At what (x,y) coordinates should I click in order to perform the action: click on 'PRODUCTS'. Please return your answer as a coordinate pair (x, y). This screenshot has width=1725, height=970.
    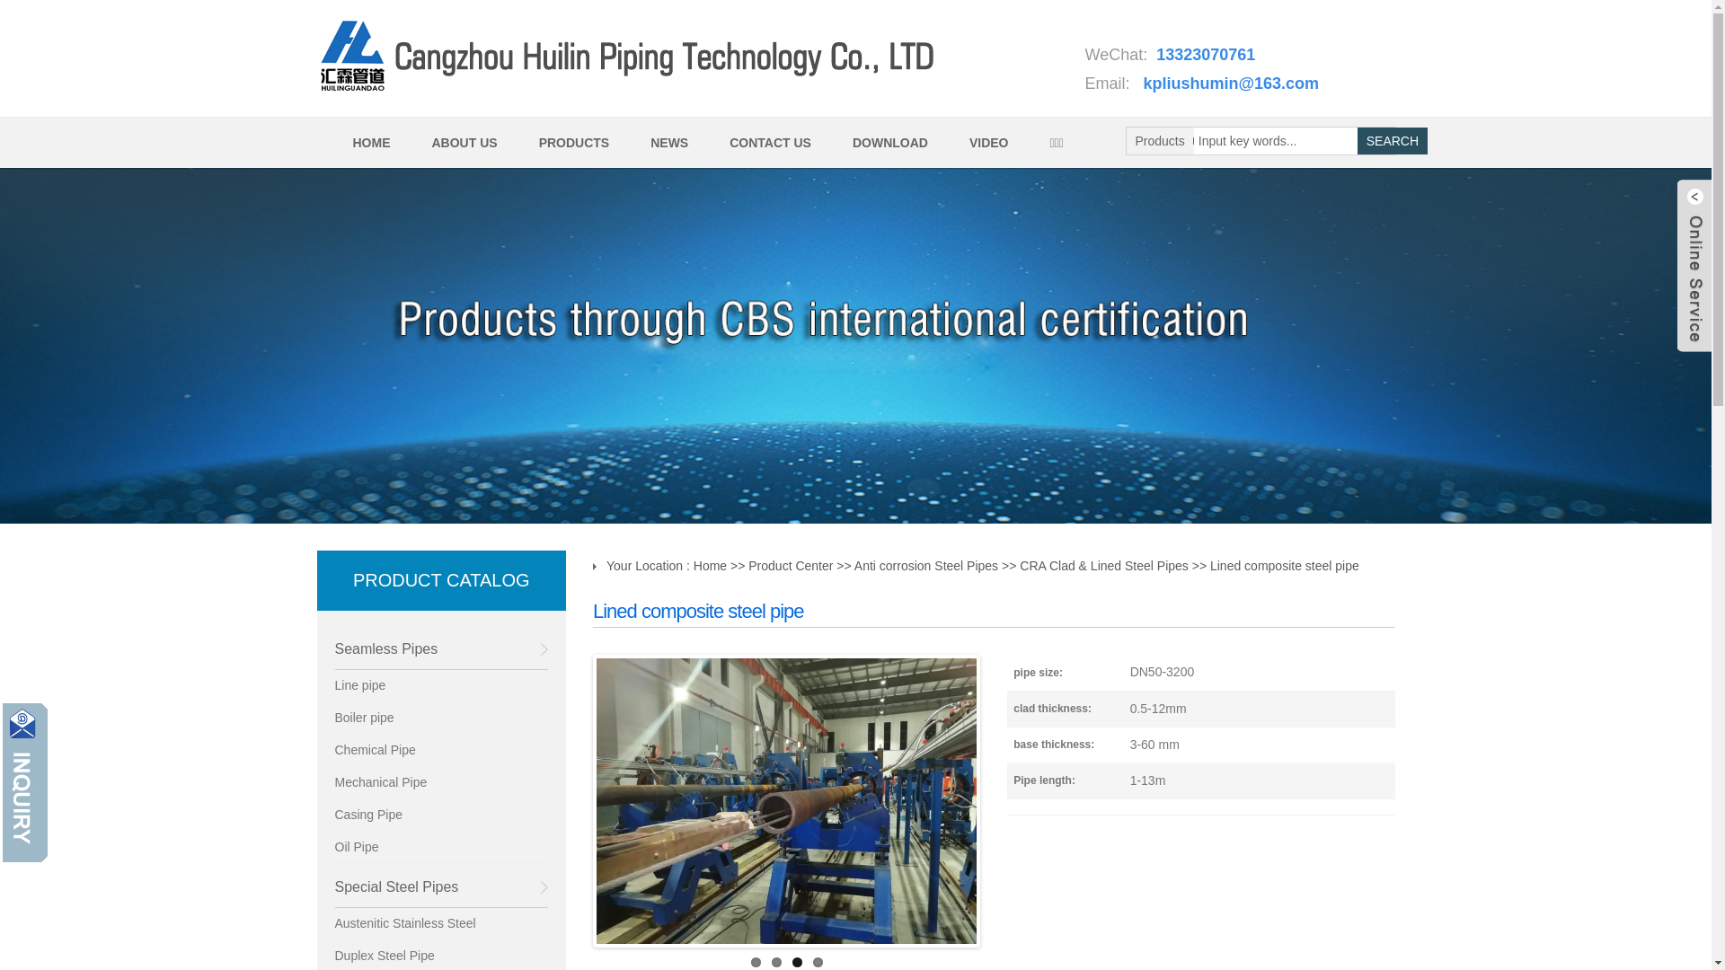
    Looking at the image, I should click on (516, 141).